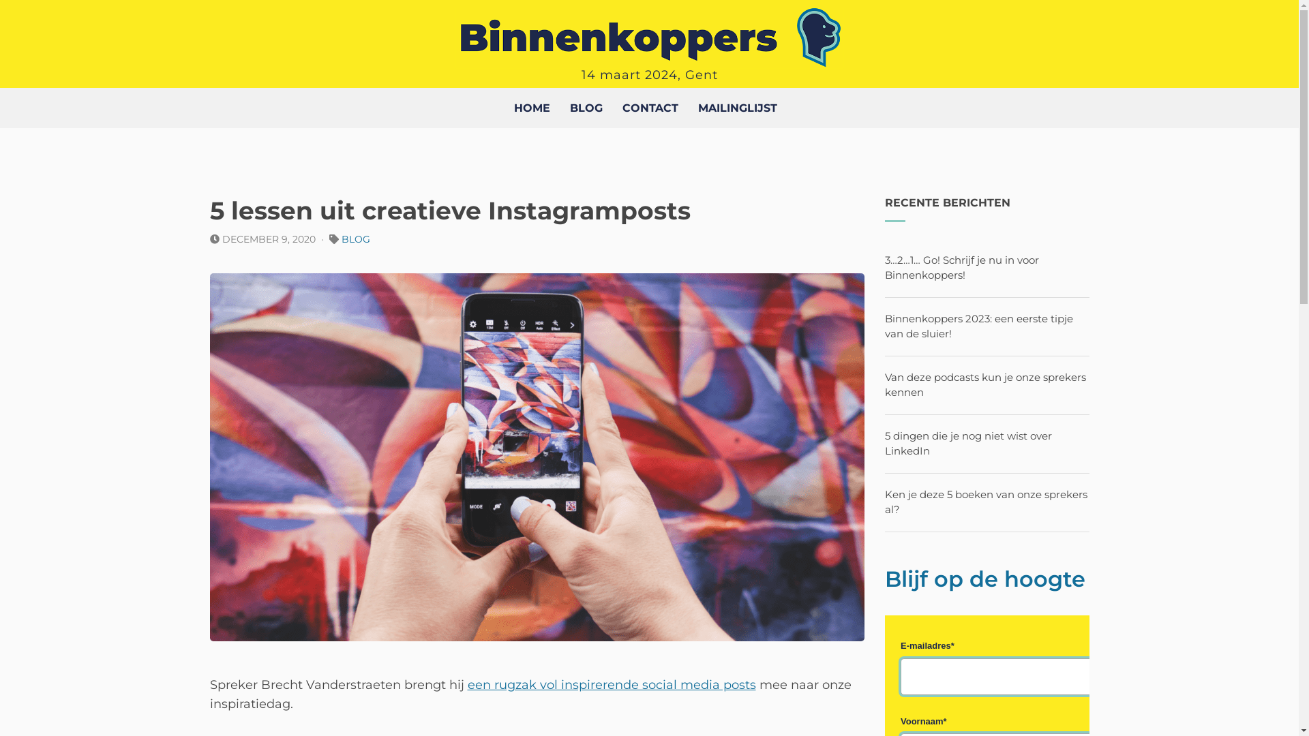 The height and width of the screenshot is (736, 1309). I want to click on 'HOME', so click(531, 107).